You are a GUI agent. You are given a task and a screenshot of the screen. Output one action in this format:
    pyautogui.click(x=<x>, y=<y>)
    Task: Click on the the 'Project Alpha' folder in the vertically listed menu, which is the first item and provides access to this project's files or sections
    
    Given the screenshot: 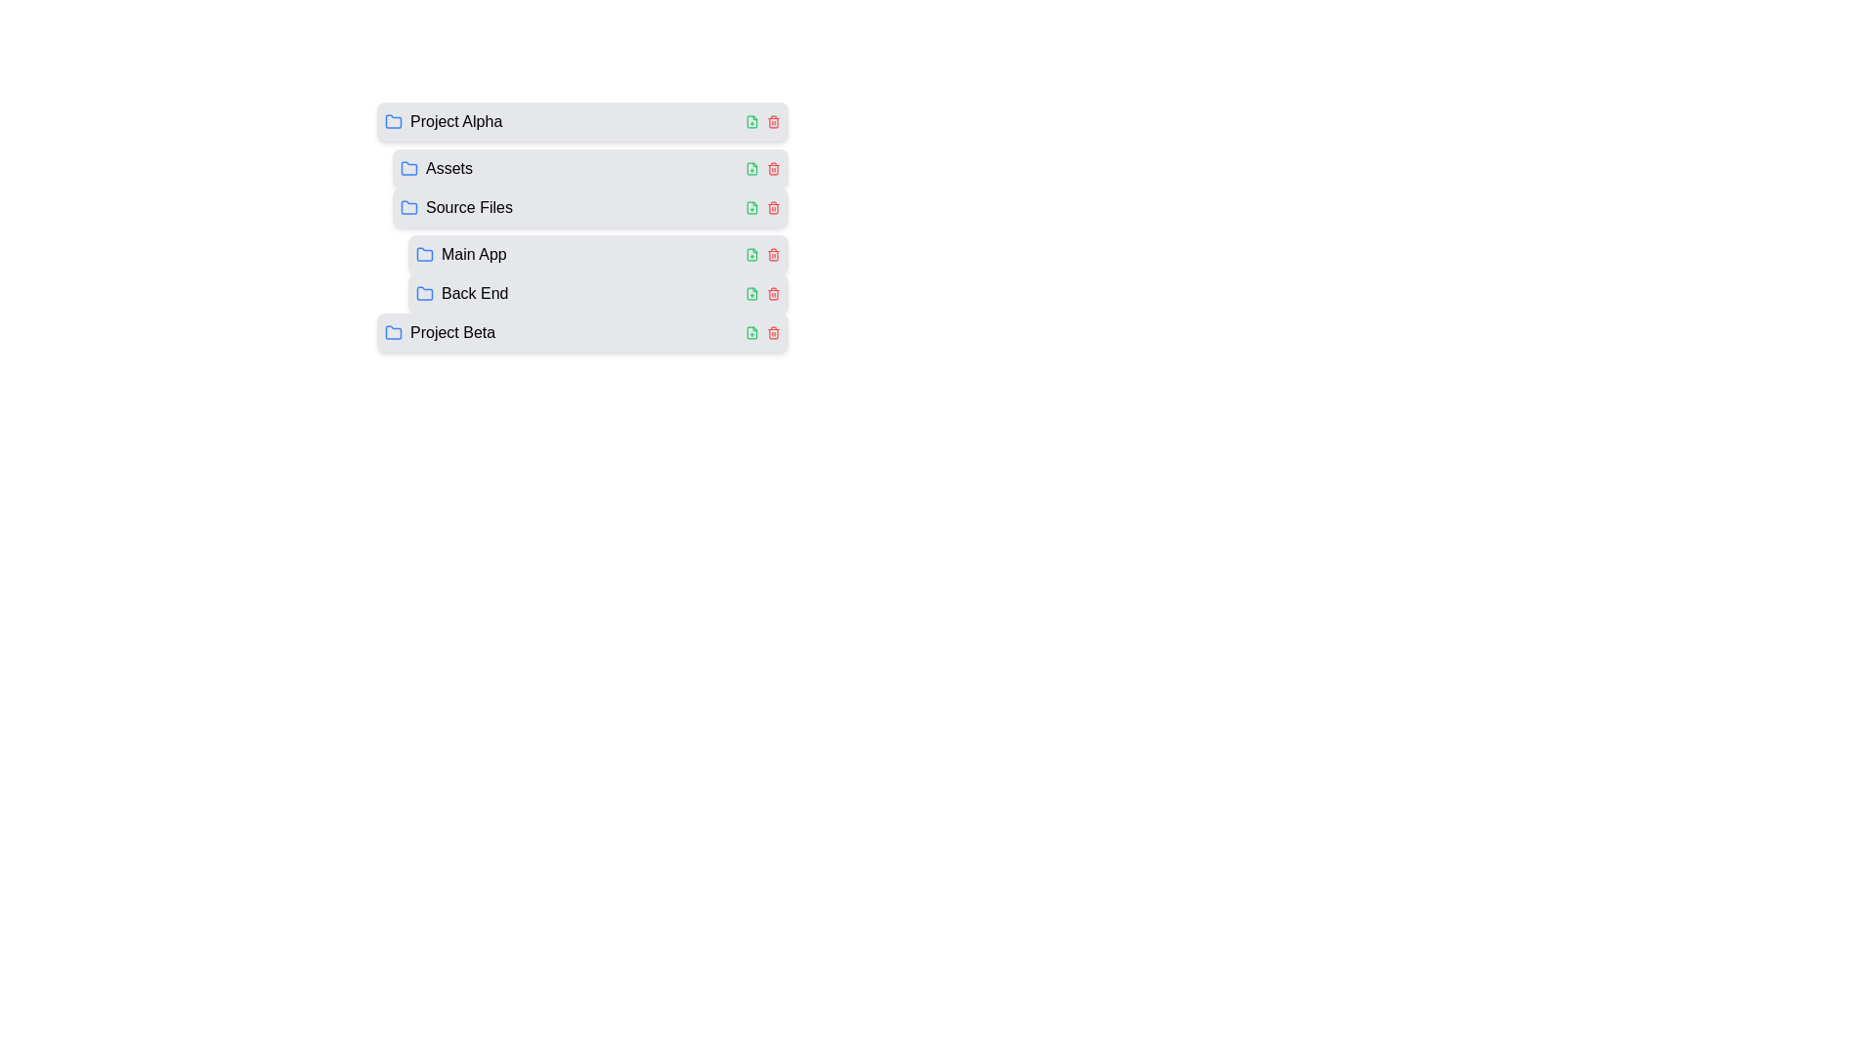 What is the action you would take?
    pyautogui.click(x=581, y=121)
    